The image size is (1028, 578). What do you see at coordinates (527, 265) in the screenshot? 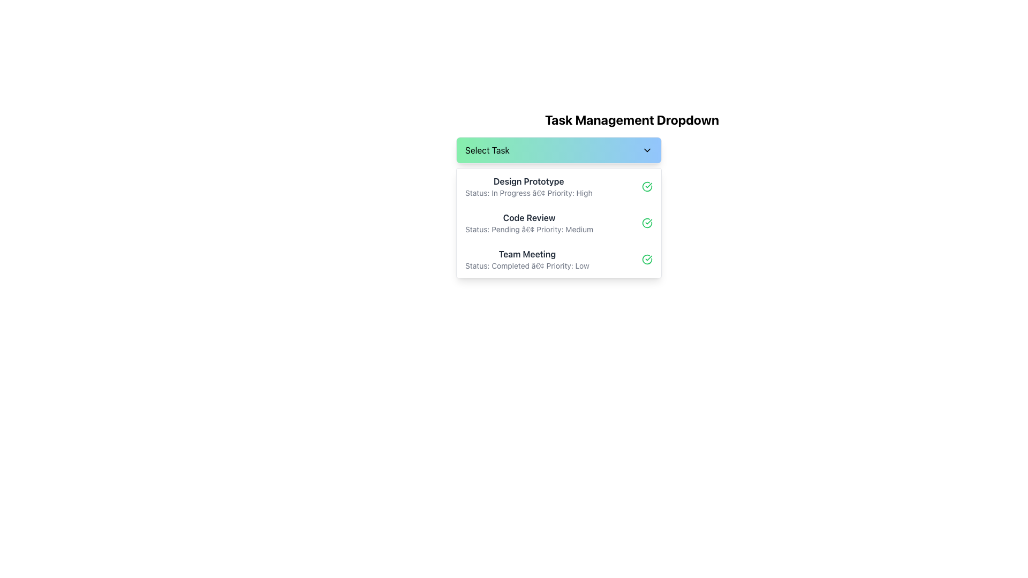
I see `the text label that reads 'Status: Completed • Priority: Low', which is located directly beneath the 'Team Meeting' heading in the task dropdown interface` at bounding box center [527, 265].